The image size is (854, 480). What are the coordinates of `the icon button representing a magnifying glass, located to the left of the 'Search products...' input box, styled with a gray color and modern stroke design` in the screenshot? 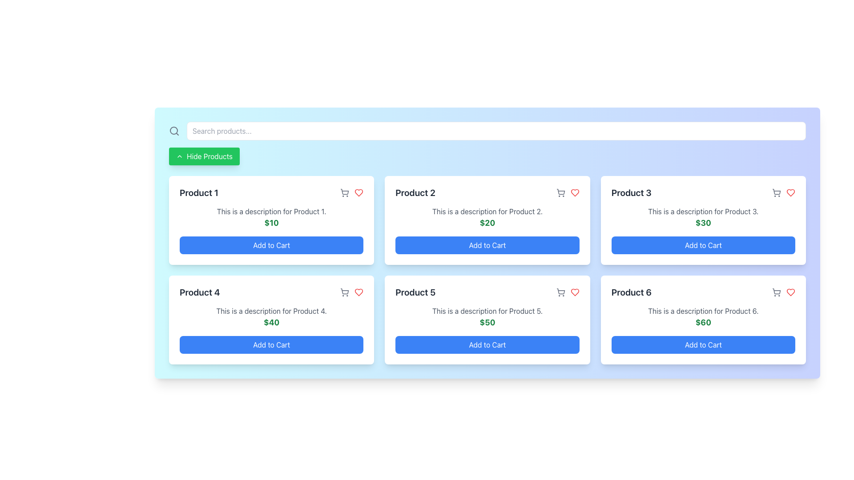 It's located at (174, 131).